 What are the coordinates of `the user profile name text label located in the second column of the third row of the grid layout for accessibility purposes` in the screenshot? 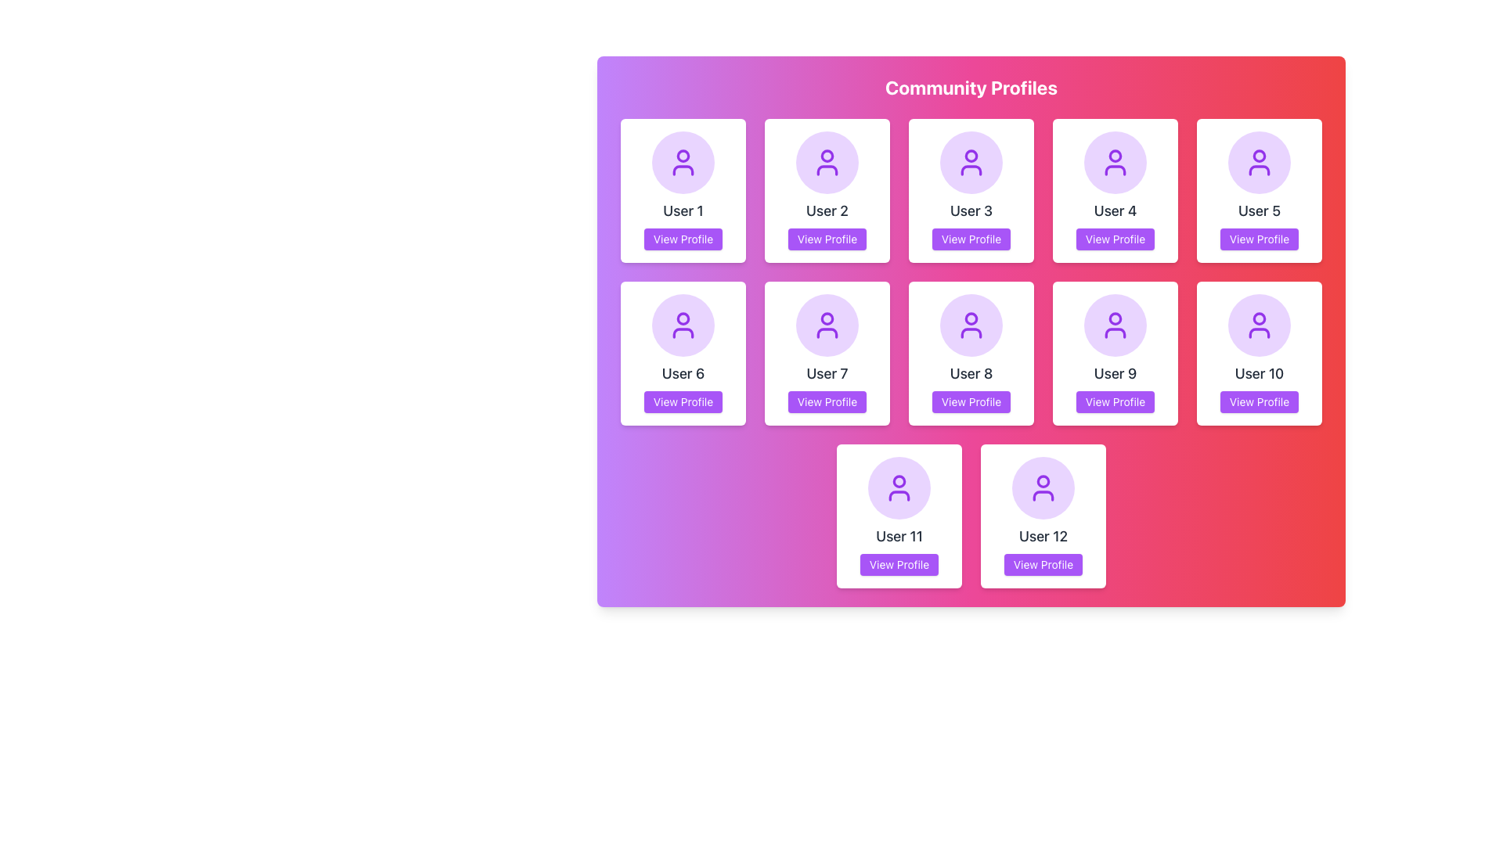 It's located at (1259, 374).